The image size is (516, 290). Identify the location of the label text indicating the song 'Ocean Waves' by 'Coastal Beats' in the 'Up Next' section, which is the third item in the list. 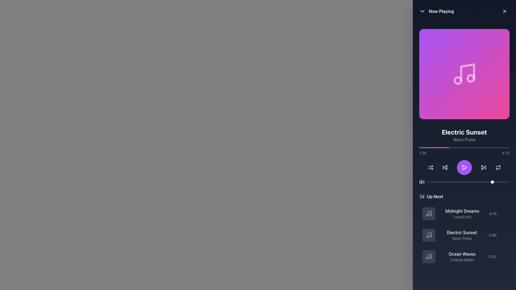
(462, 256).